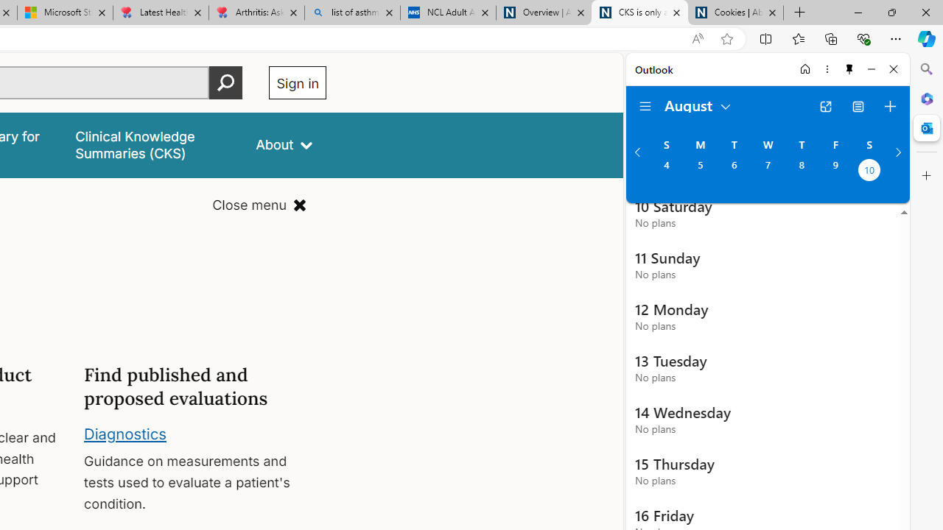 The image size is (943, 530). What do you see at coordinates (698, 104) in the screenshot?
I see `'August'` at bounding box center [698, 104].